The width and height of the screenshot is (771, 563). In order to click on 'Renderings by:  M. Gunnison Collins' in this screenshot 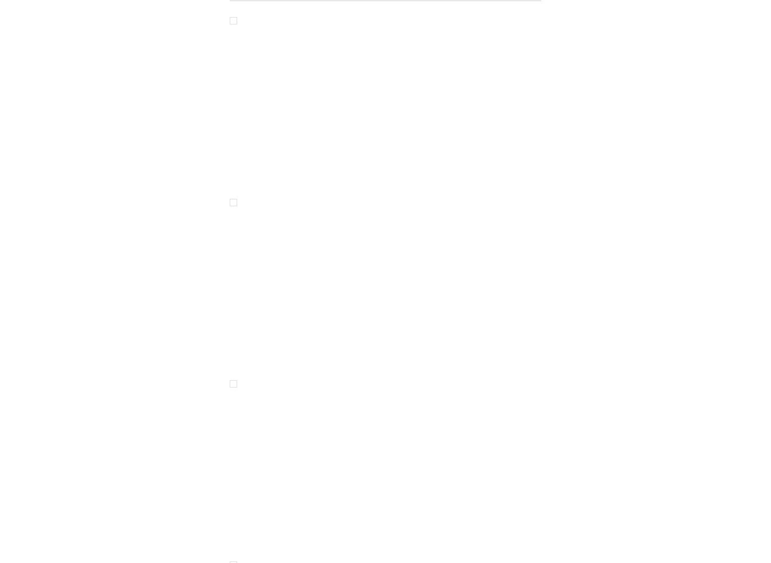, I will do `click(473, 150)`.